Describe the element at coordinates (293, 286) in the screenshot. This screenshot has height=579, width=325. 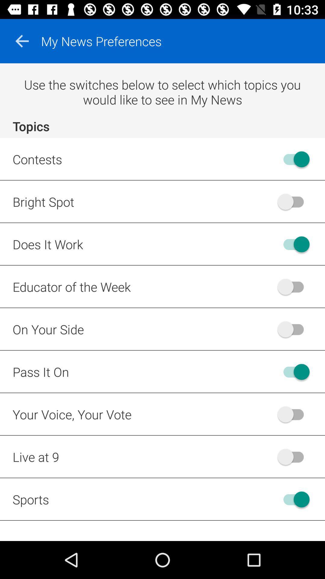
I see `toggles a on button` at that location.